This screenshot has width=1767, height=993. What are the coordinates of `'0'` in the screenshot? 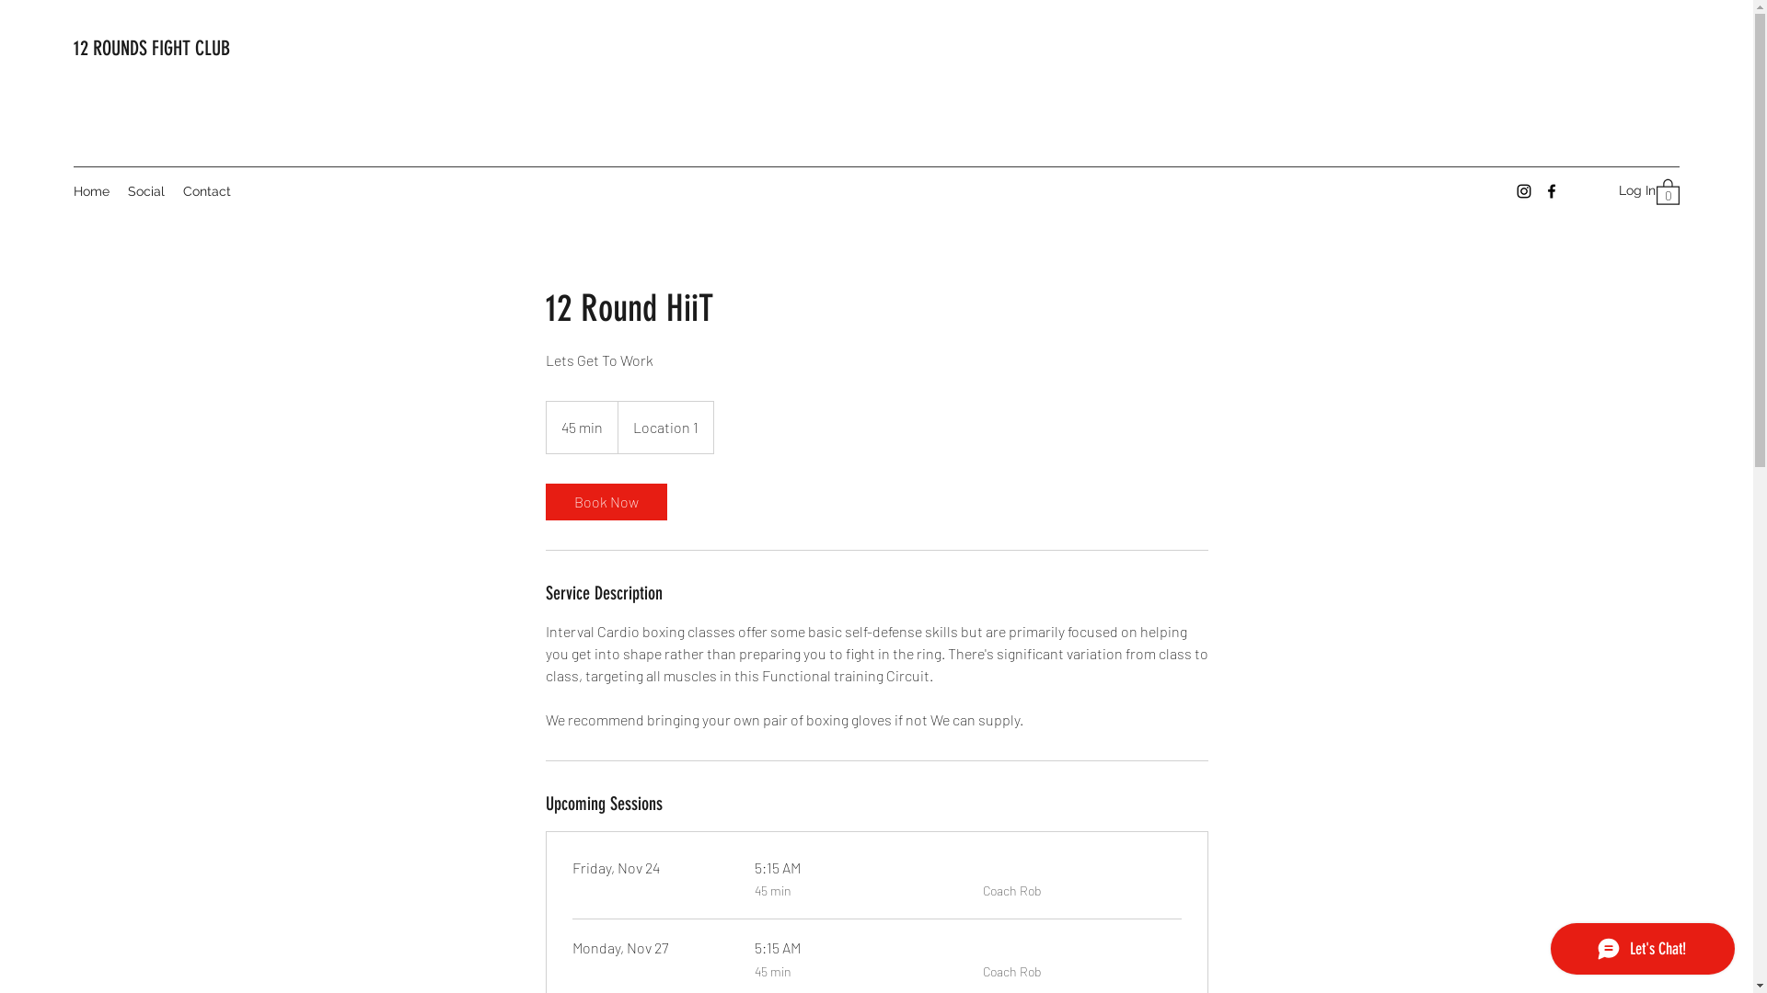 It's located at (1668, 191).